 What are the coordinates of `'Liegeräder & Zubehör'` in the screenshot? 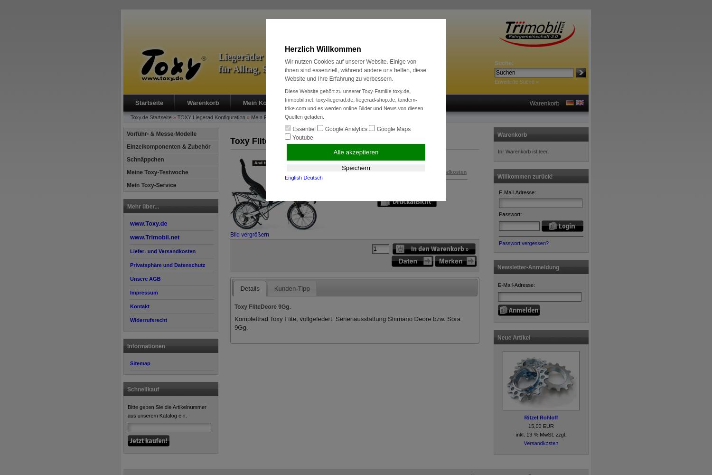 It's located at (264, 56).